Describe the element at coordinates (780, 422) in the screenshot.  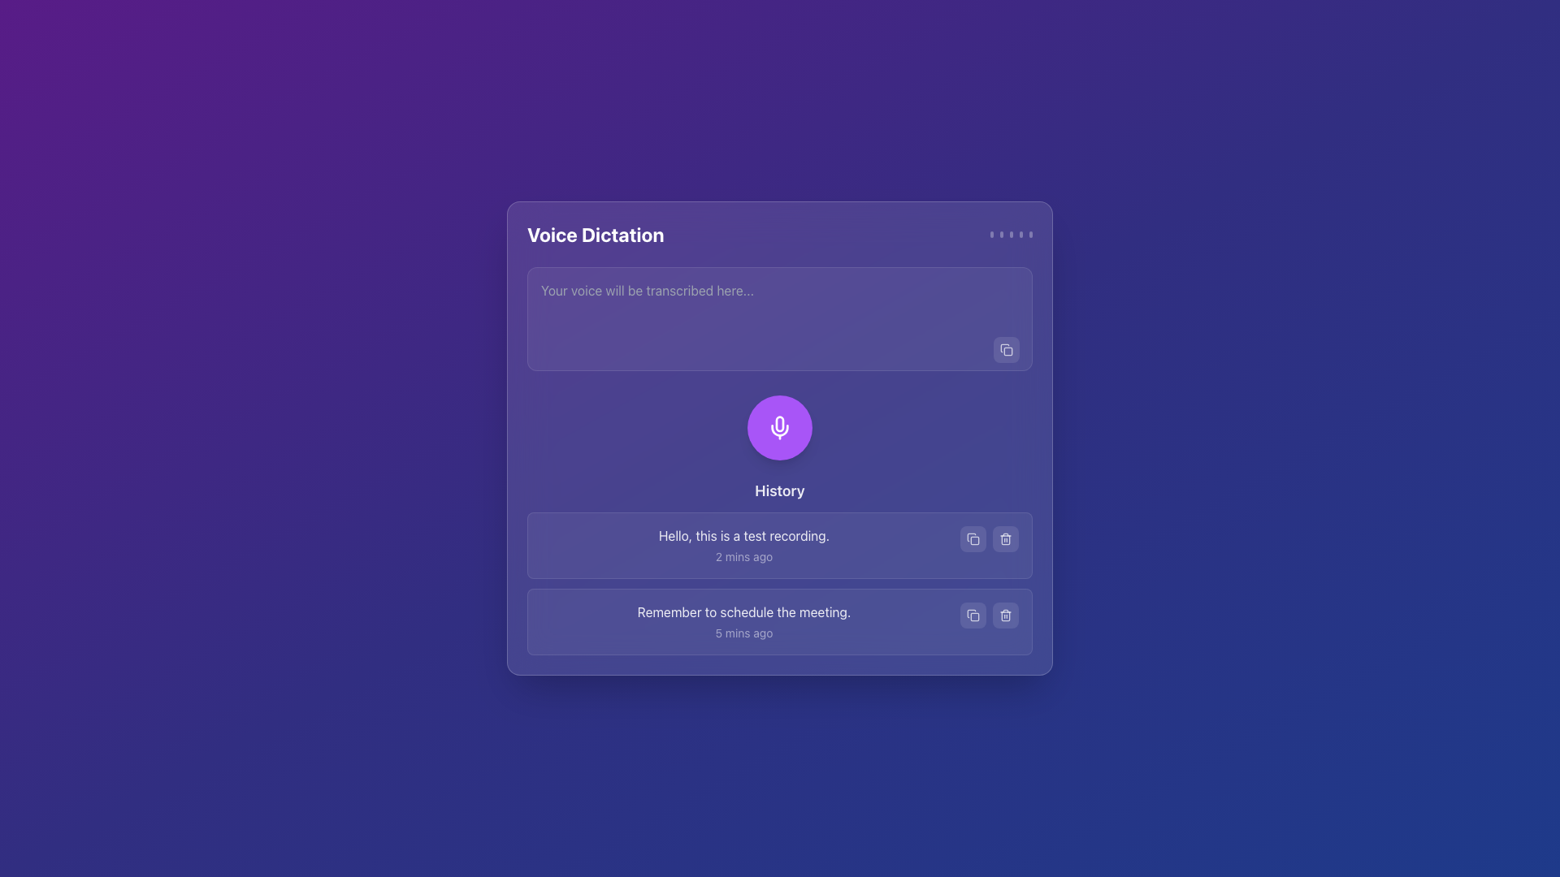
I see `the microphone icon which is located in the center of the pink circular button, under the text 'Your voice will be transcribed here...' and above the 'History' section` at that location.